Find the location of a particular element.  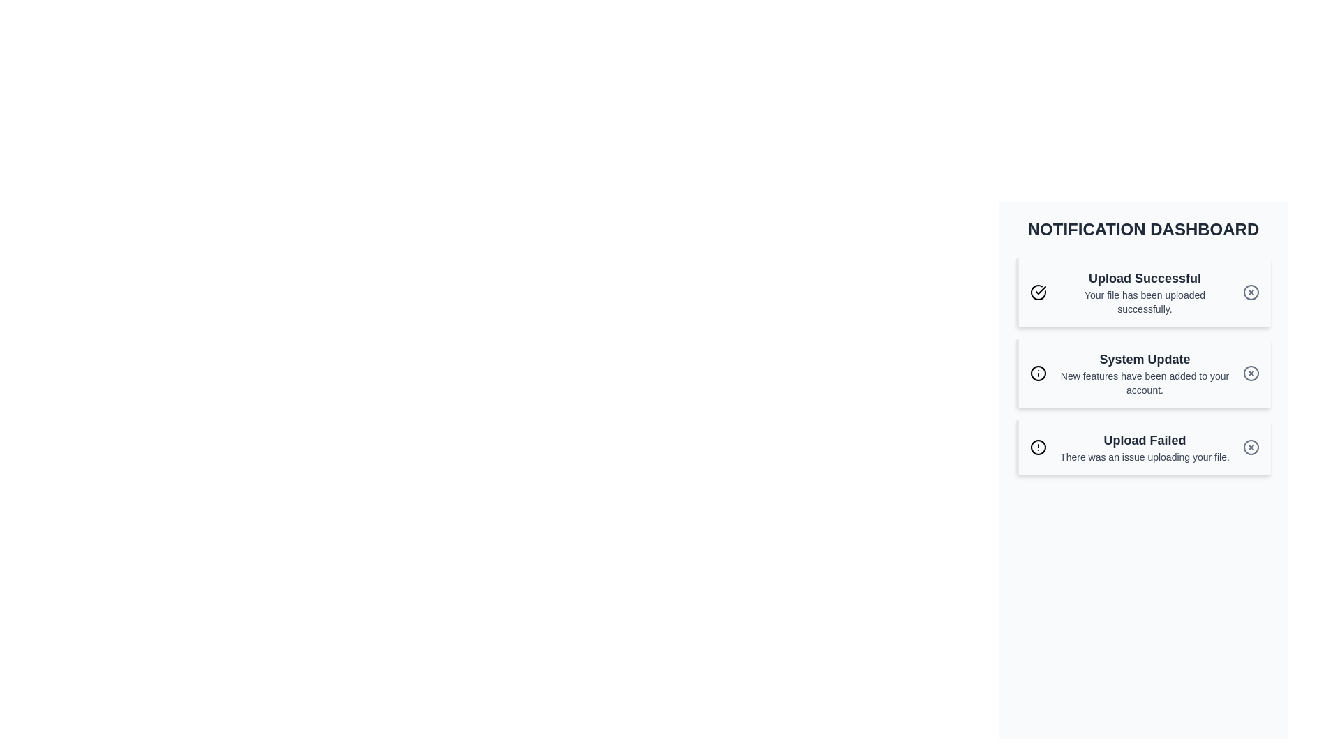

the Informational Notification that informs the user about a system update, which is the second item in the series of notifications is located at coordinates (1143, 365).